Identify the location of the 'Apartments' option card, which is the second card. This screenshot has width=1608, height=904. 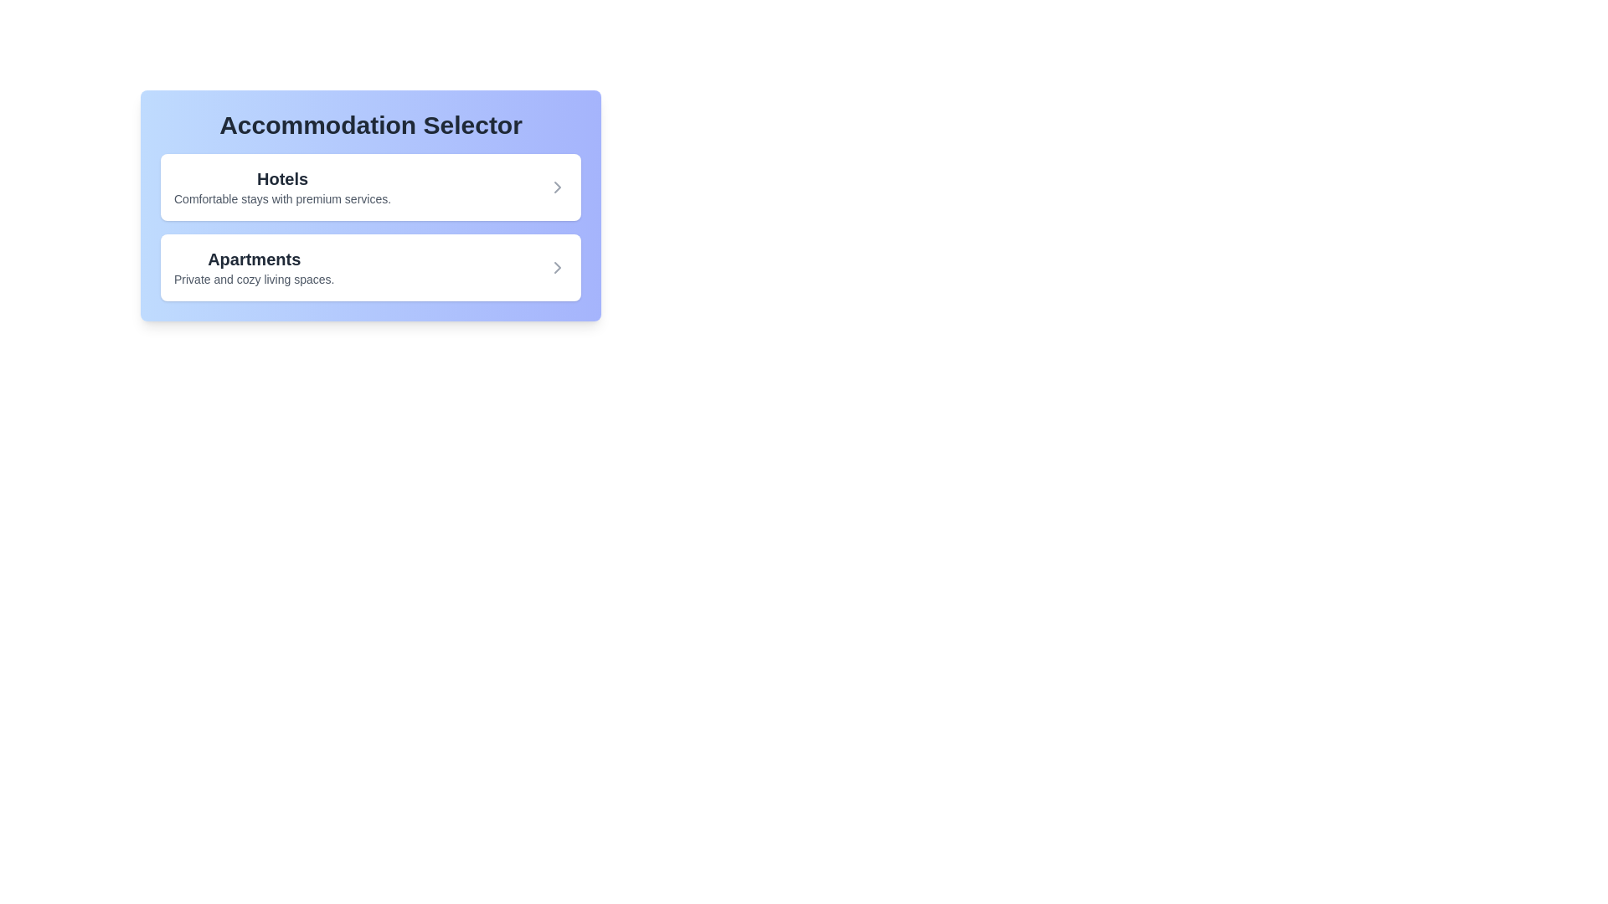
(369, 254).